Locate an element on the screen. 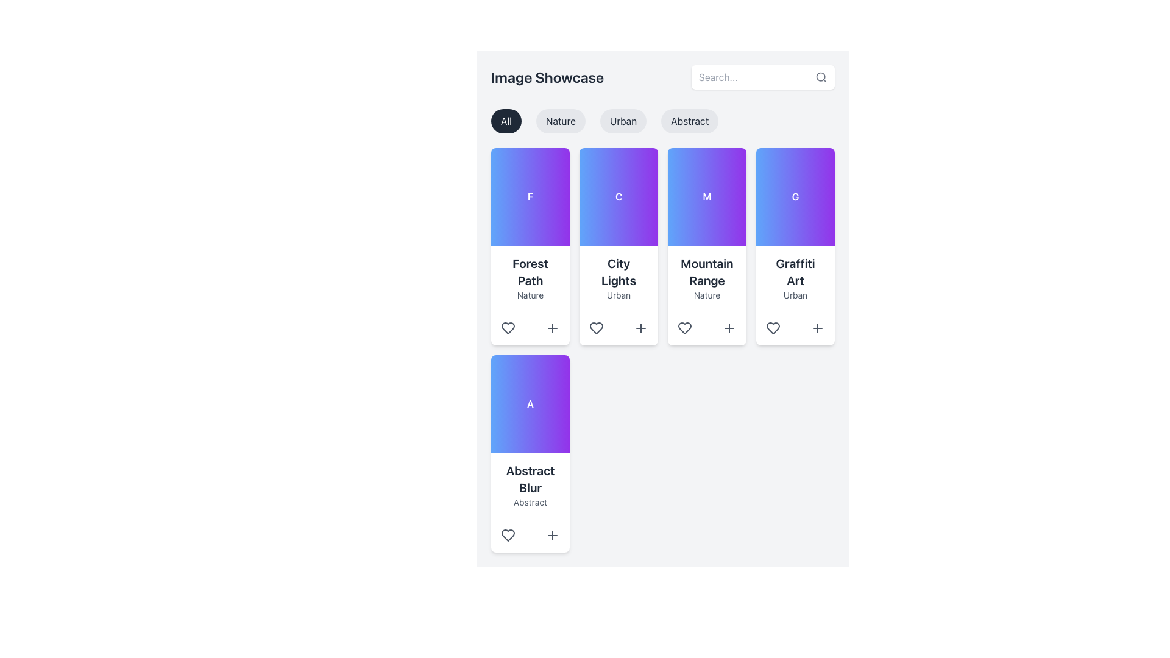 The image size is (1170, 658). the text label displaying 'Mountain Range' and 'Nature' in the third column of the top row in the grid of cards is located at coordinates (707, 278).